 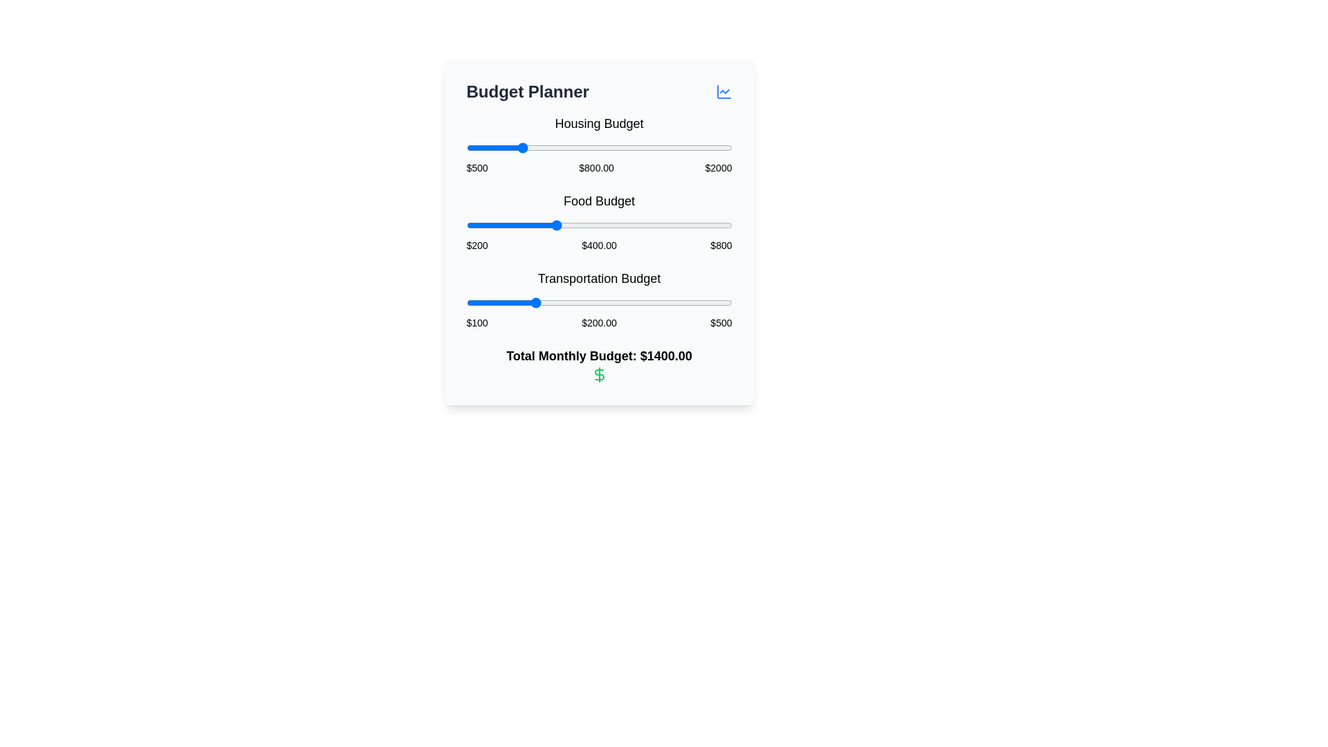 I want to click on the text indicator displaying the minimum value ($100), current value ($200.00), and maximum value ($500) for the 'Transportation Budget' slider, positioned centrally below the slider, so click(x=599, y=322).